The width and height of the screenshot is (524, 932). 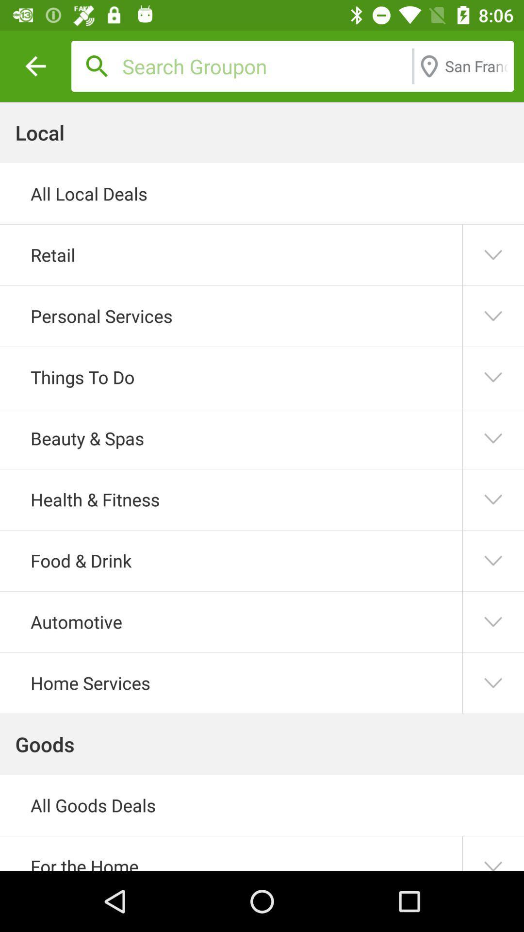 What do you see at coordinates (264, 66) in the screenshot?
I see `search box` at bounding box center [264, 66].